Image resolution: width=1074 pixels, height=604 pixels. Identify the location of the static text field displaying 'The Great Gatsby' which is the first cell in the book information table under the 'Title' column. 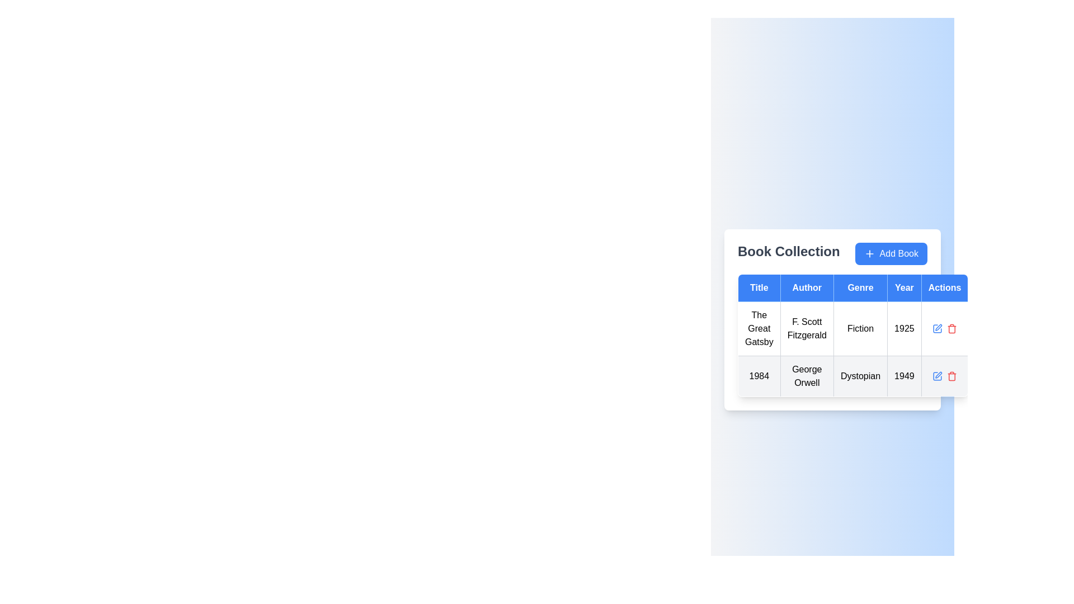
(759, 328).